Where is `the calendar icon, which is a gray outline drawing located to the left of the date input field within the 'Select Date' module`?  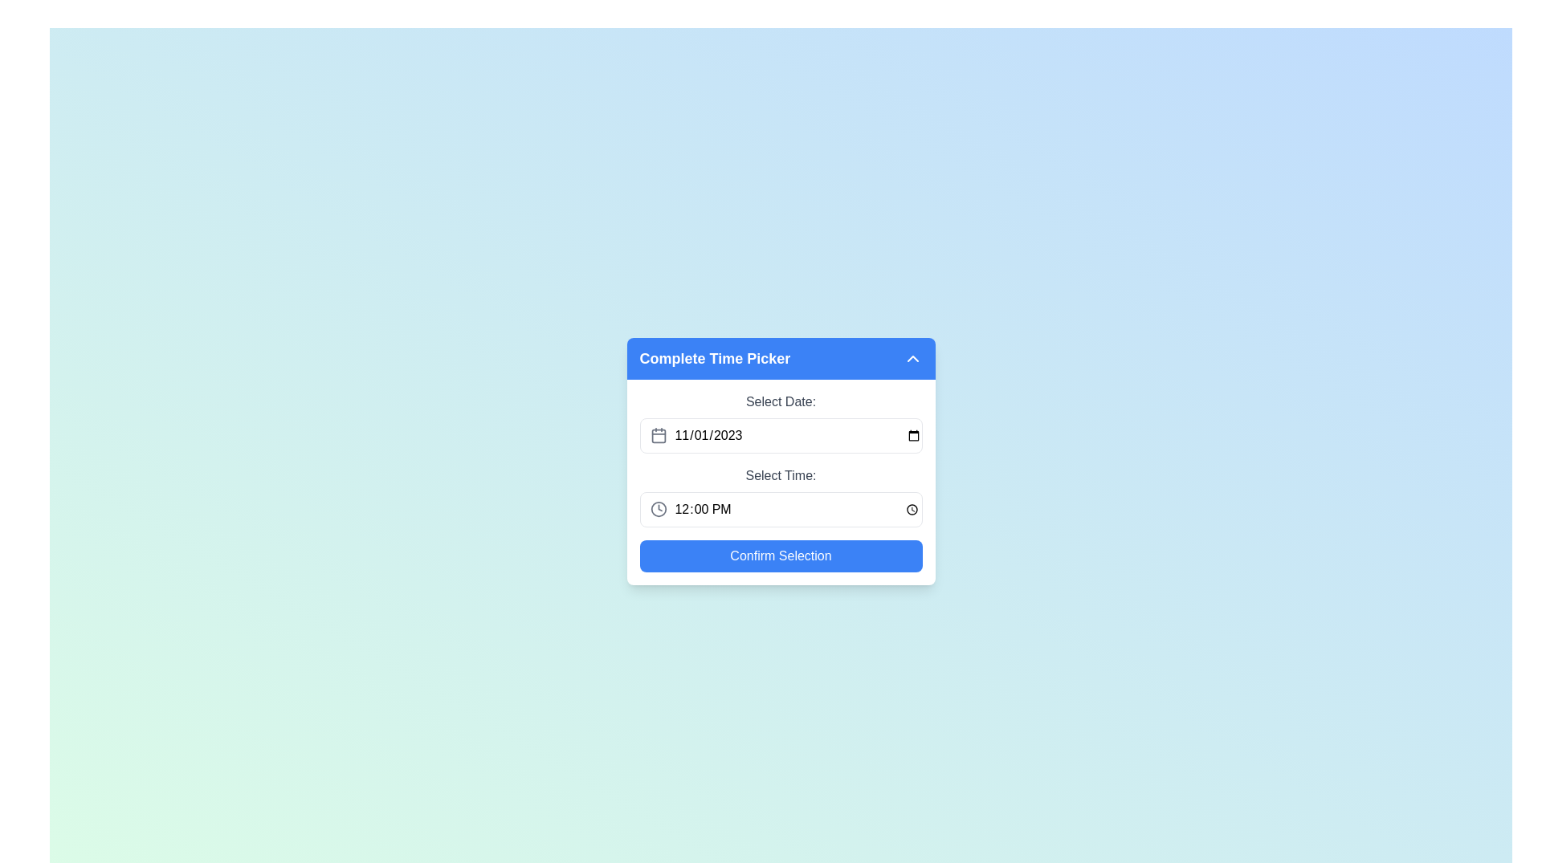
the calendar icon, which is a gray outline drawing located to the left of the date input field within the 'Select Date' module is located at coordinates (659, 436).